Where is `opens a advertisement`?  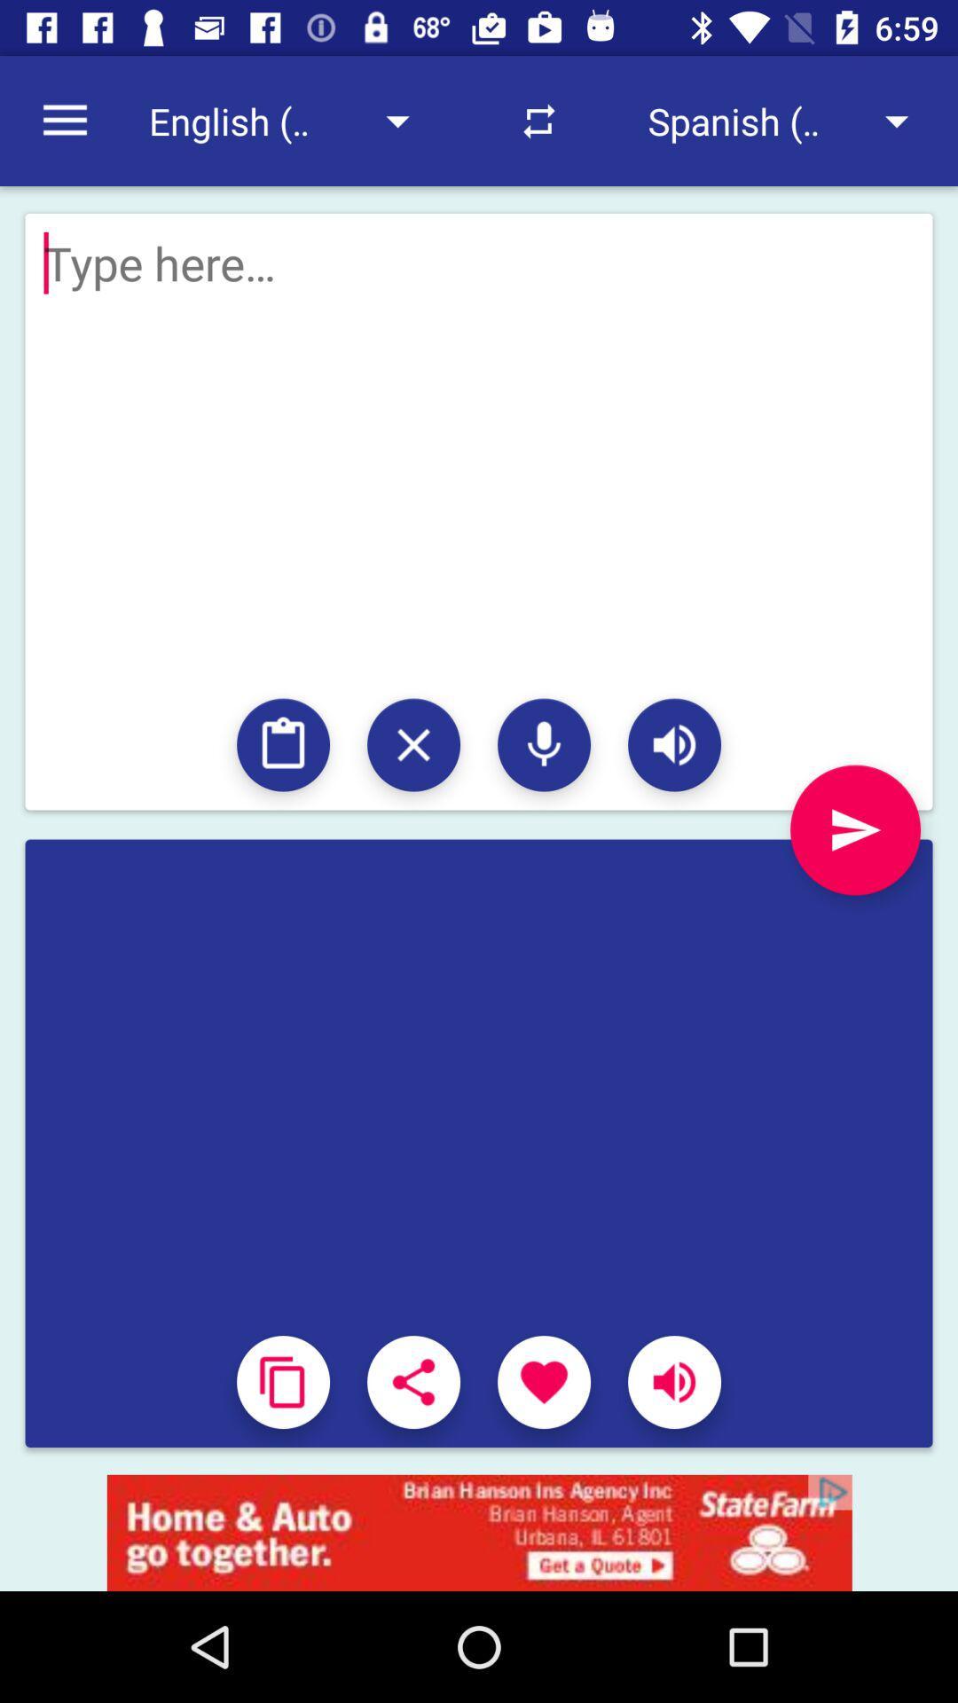 opens a advertisement is located at coordinates (479, 1532).